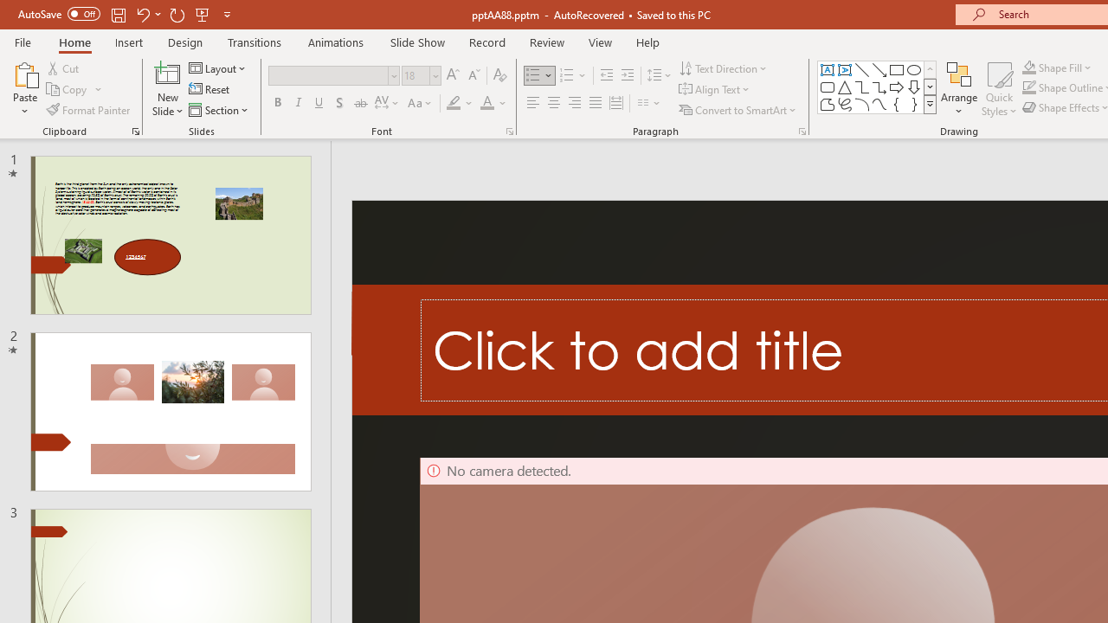 The height and width of the screenshot is (623, 1108). Describe the element at coordinates (627, 74) in the screenshot. I see `'Increase Indent'` at that location.